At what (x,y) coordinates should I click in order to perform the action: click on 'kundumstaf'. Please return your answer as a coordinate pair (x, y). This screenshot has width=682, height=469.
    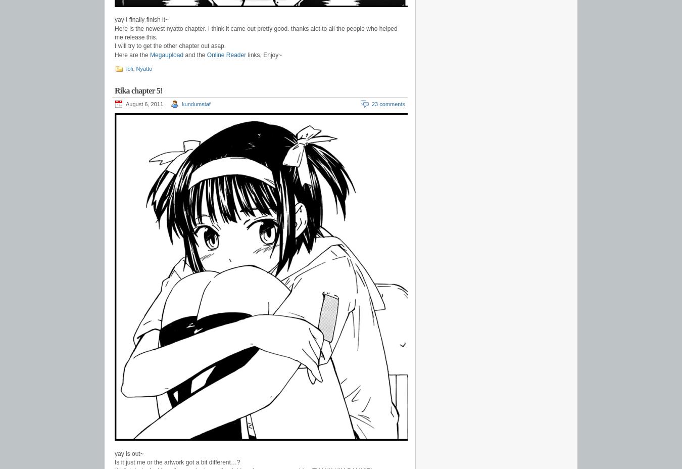
    Looking at the image, I should click on (196, 104).